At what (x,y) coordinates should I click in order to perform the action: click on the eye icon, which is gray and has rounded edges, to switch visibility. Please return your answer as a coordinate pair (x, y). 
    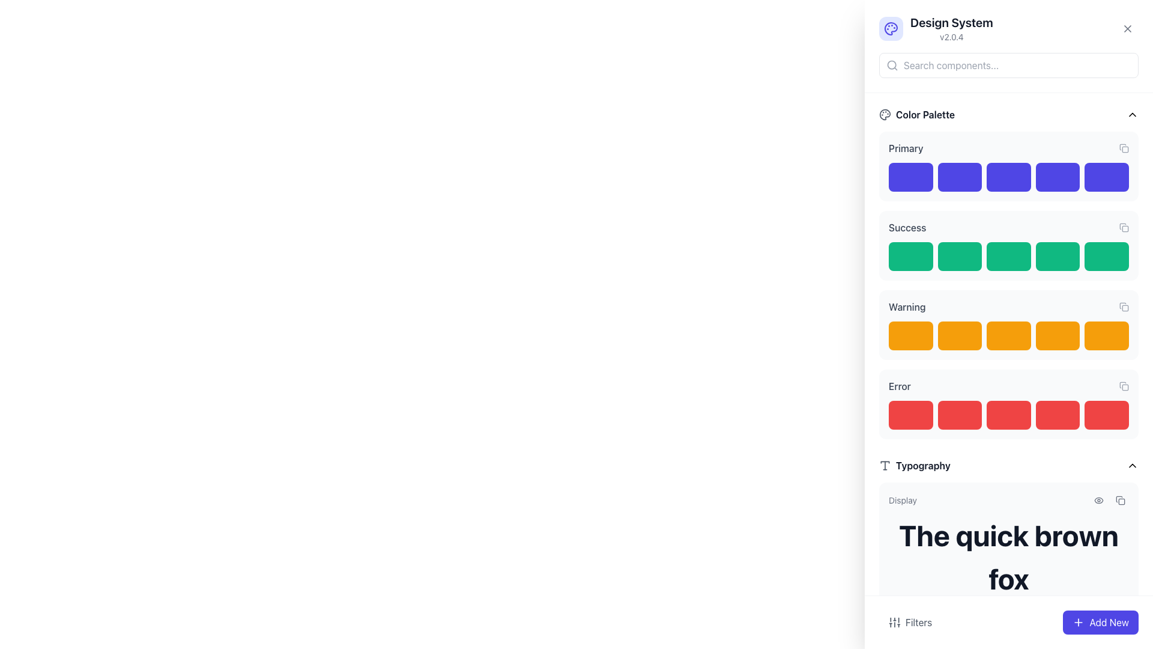
    Looking at the image, I should click on (1098, 501).